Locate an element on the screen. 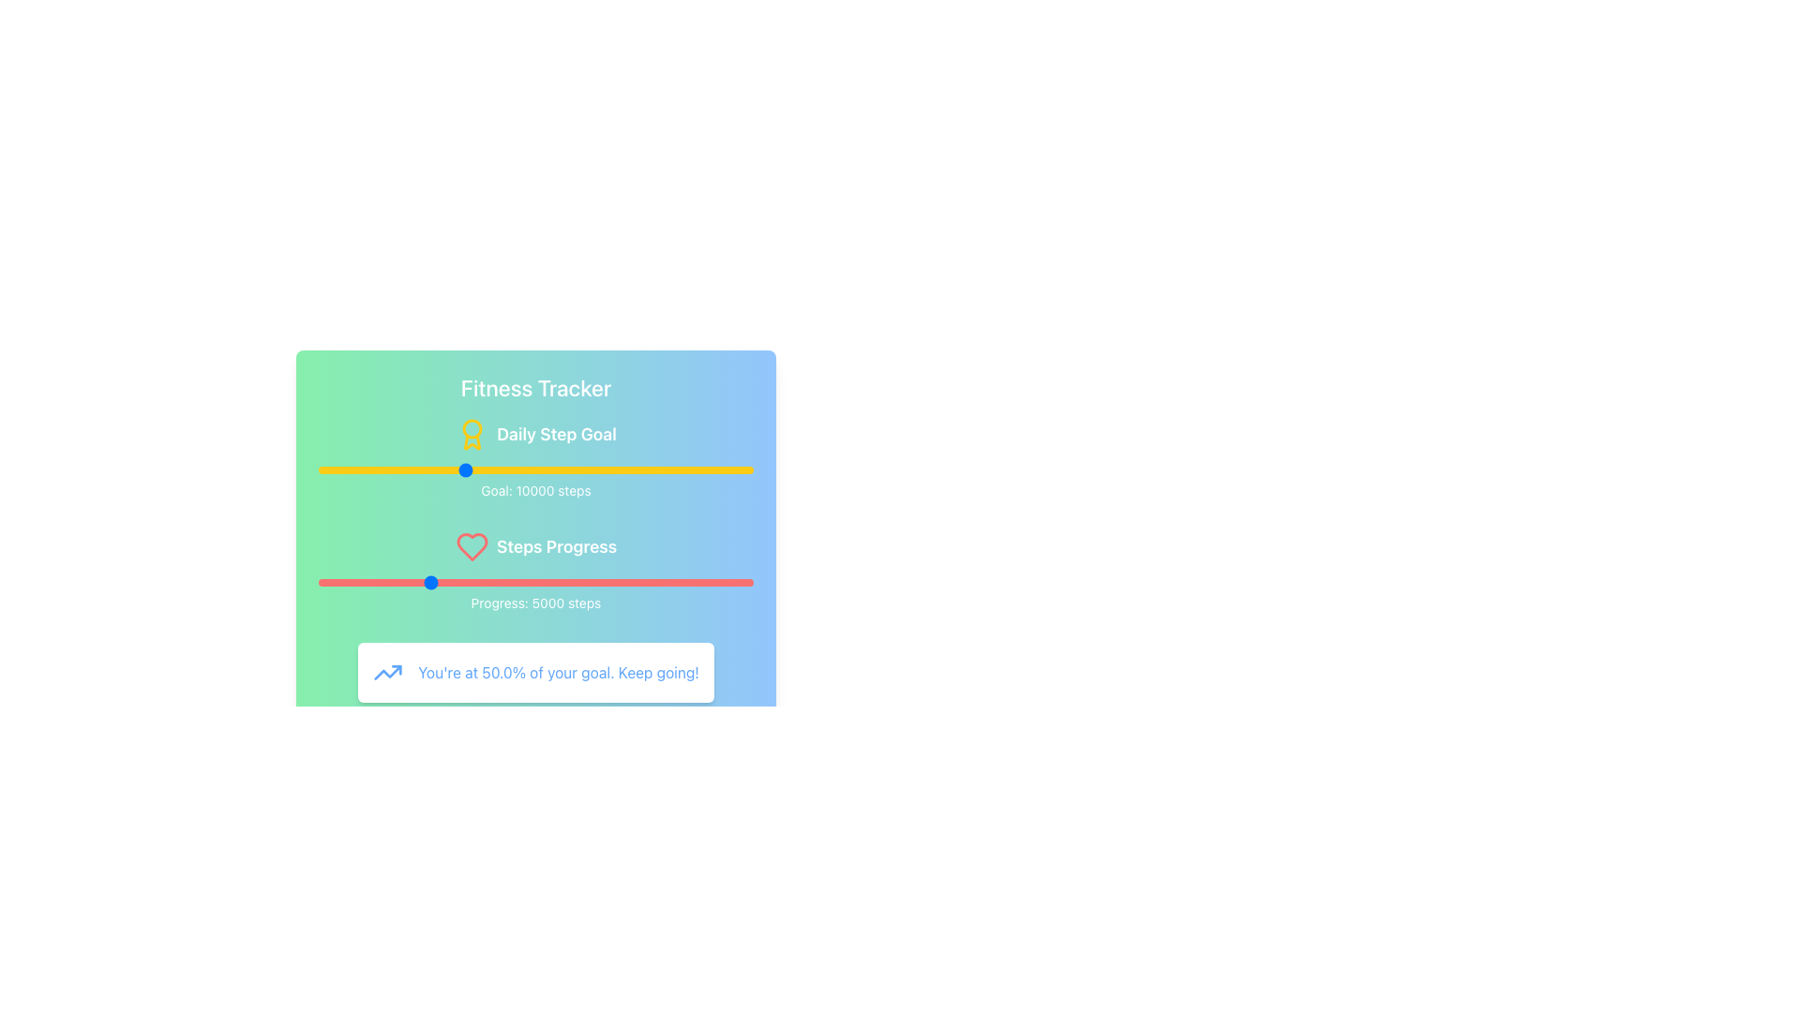  the Label with Icon that serves as a subsection heading for fitness goal progress tracking, located between 'Goal: 10000 steps' and 'Progress: 5000 steps' is located at coordinates (534, 546).